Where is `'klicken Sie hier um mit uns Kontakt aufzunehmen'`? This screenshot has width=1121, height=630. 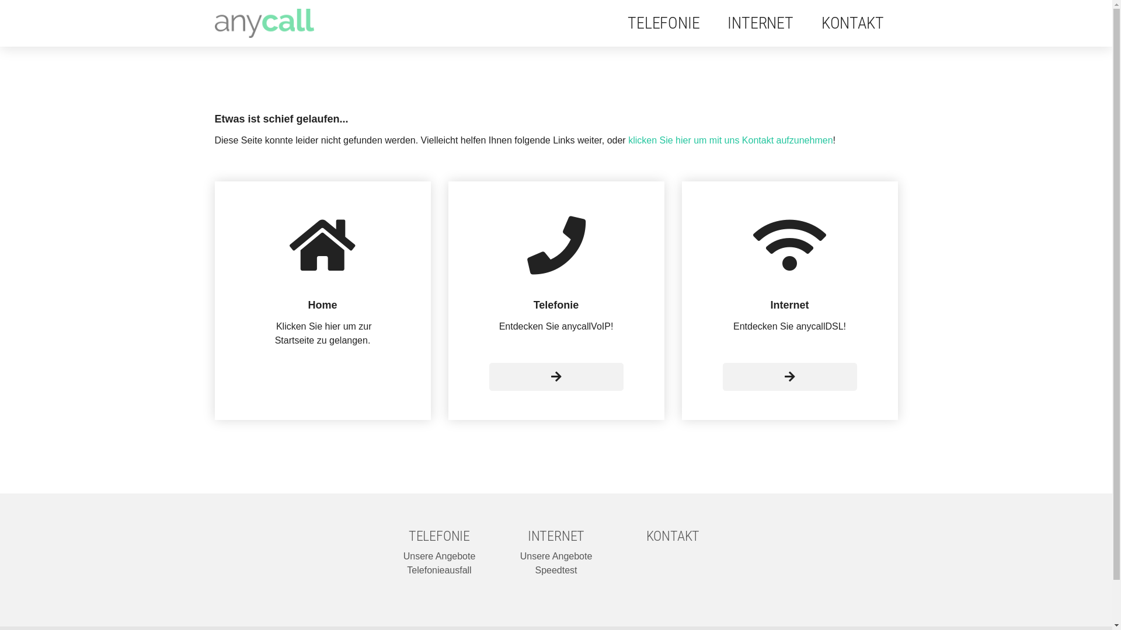 'klicken Sie hier um mit uns Kontakt aufzunehmen' is located at coordinates (627, 139).